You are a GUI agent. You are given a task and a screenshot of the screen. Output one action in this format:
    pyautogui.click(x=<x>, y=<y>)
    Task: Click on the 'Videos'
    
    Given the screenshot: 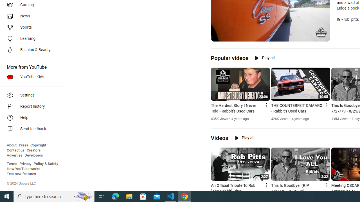 What is the action you would take?
    pyautogui.click(x=219, y=138)
    